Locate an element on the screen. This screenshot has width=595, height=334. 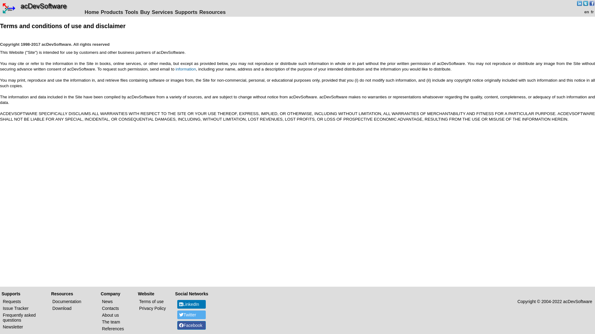
'News' is located at coordinates (107, 301).